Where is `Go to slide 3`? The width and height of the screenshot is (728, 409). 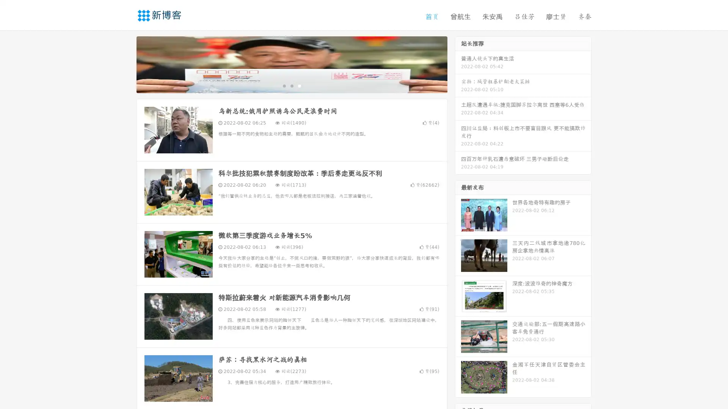
Go to slide 3 is located at coordinates (299, 85).